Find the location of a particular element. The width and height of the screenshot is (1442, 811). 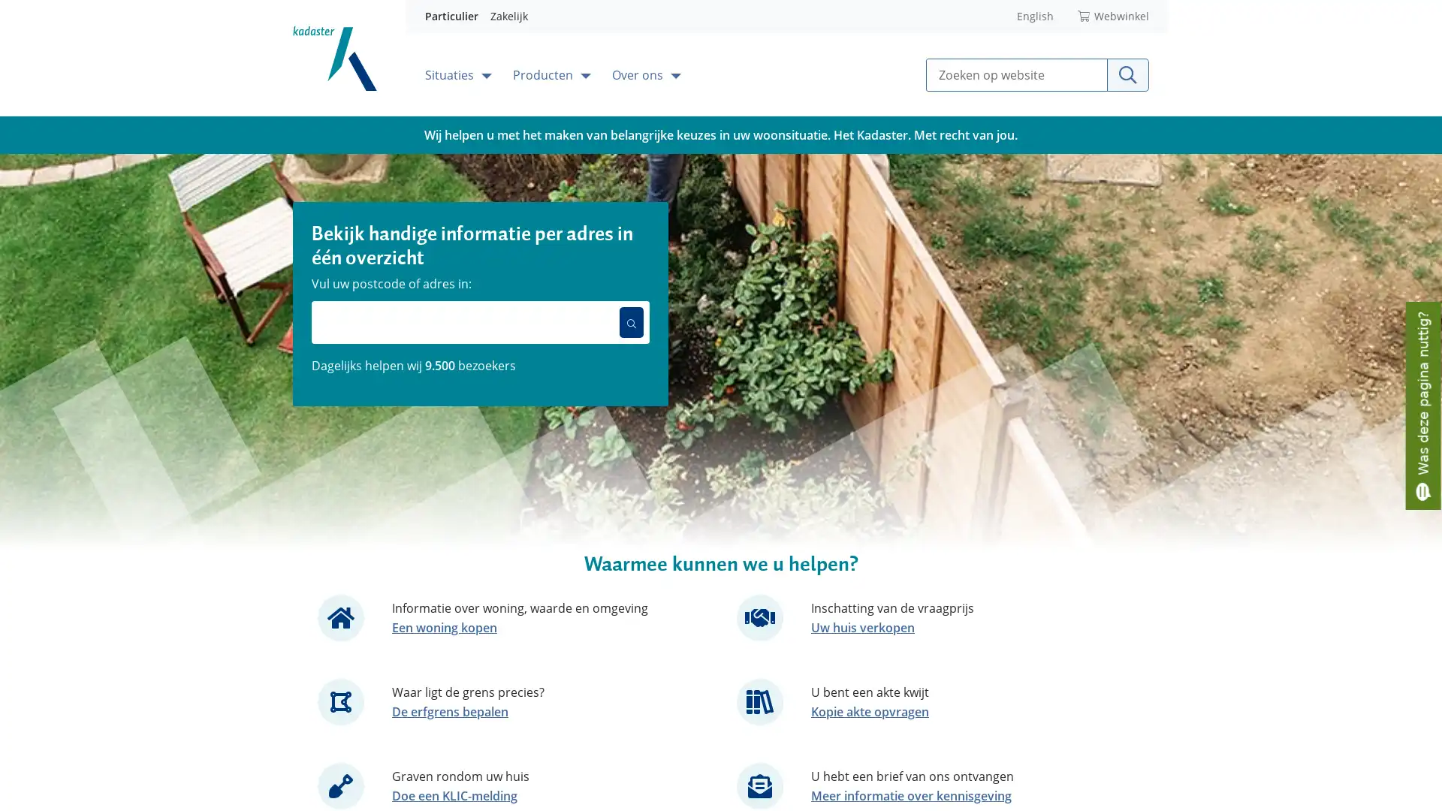

Zoekopdracht starten is located at coordinates (1128, 74).